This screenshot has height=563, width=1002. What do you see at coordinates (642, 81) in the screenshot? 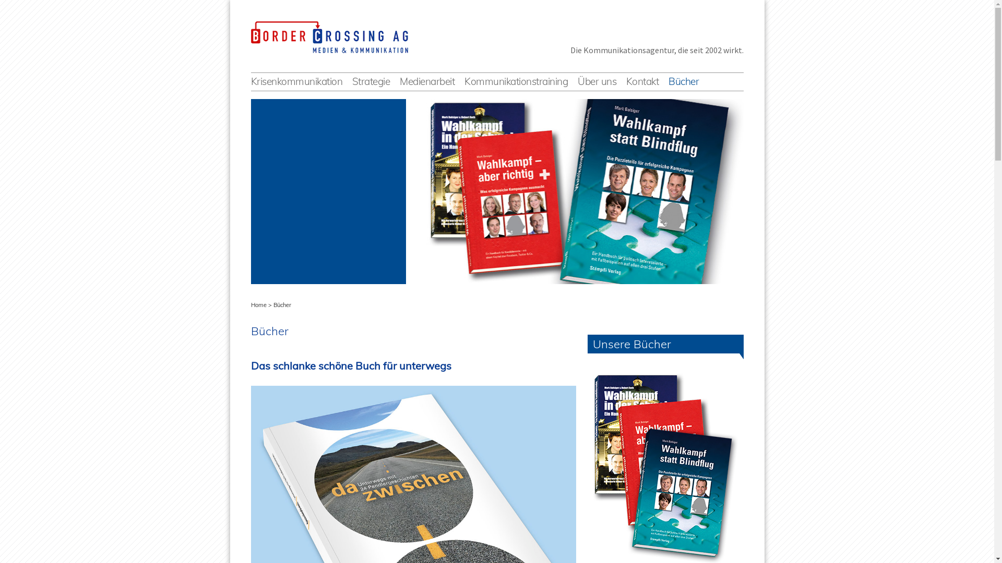
I see `'Kontakt'` at bounding box center [642, 81].